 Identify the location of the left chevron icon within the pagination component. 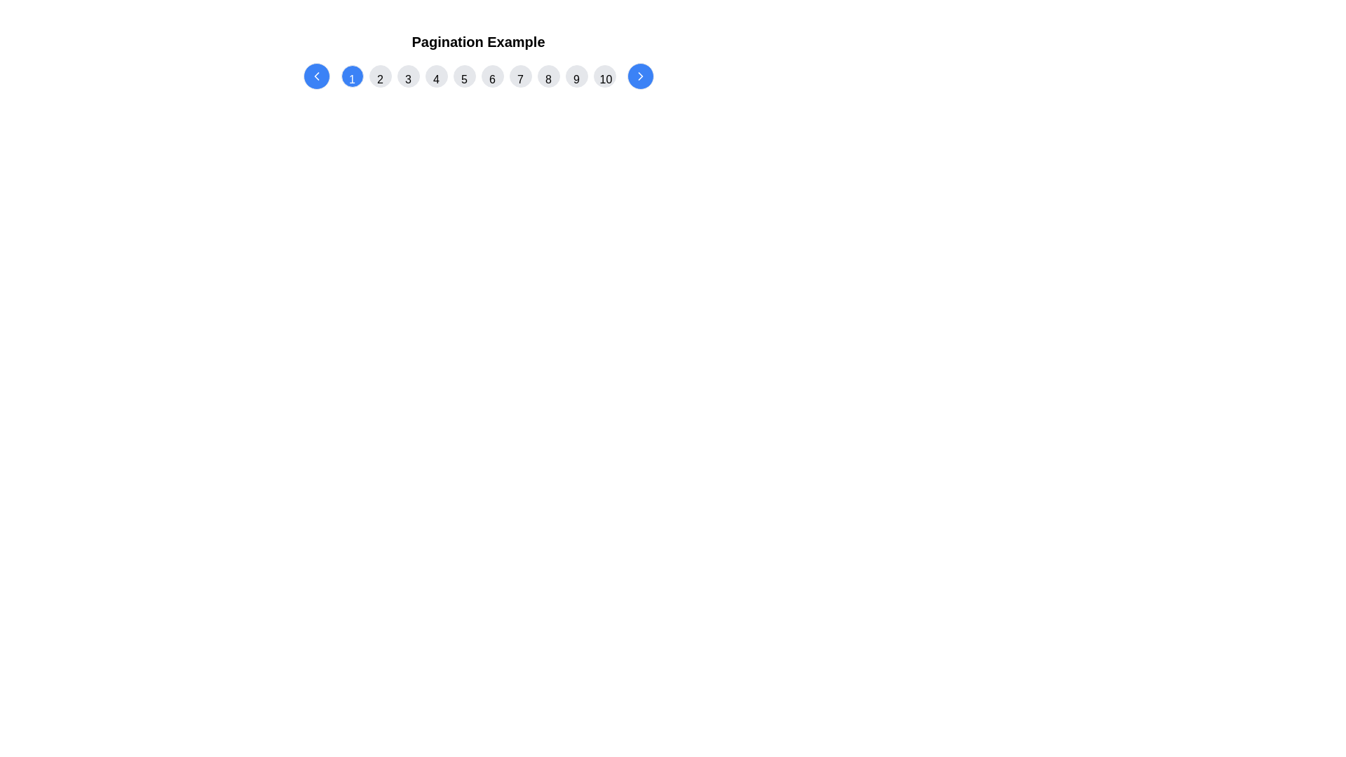
(315, 76).